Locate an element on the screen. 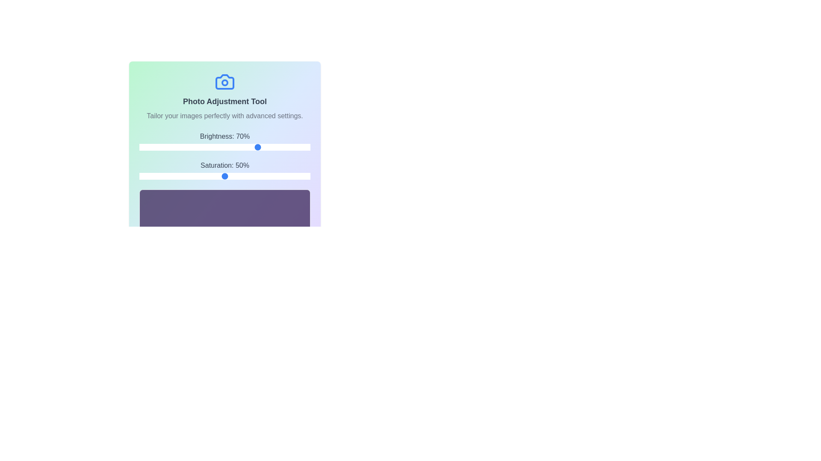 This screenshot has width=821, height=461. the saturation slider to set the saturation to 99% is located at coordinates (308, 175).